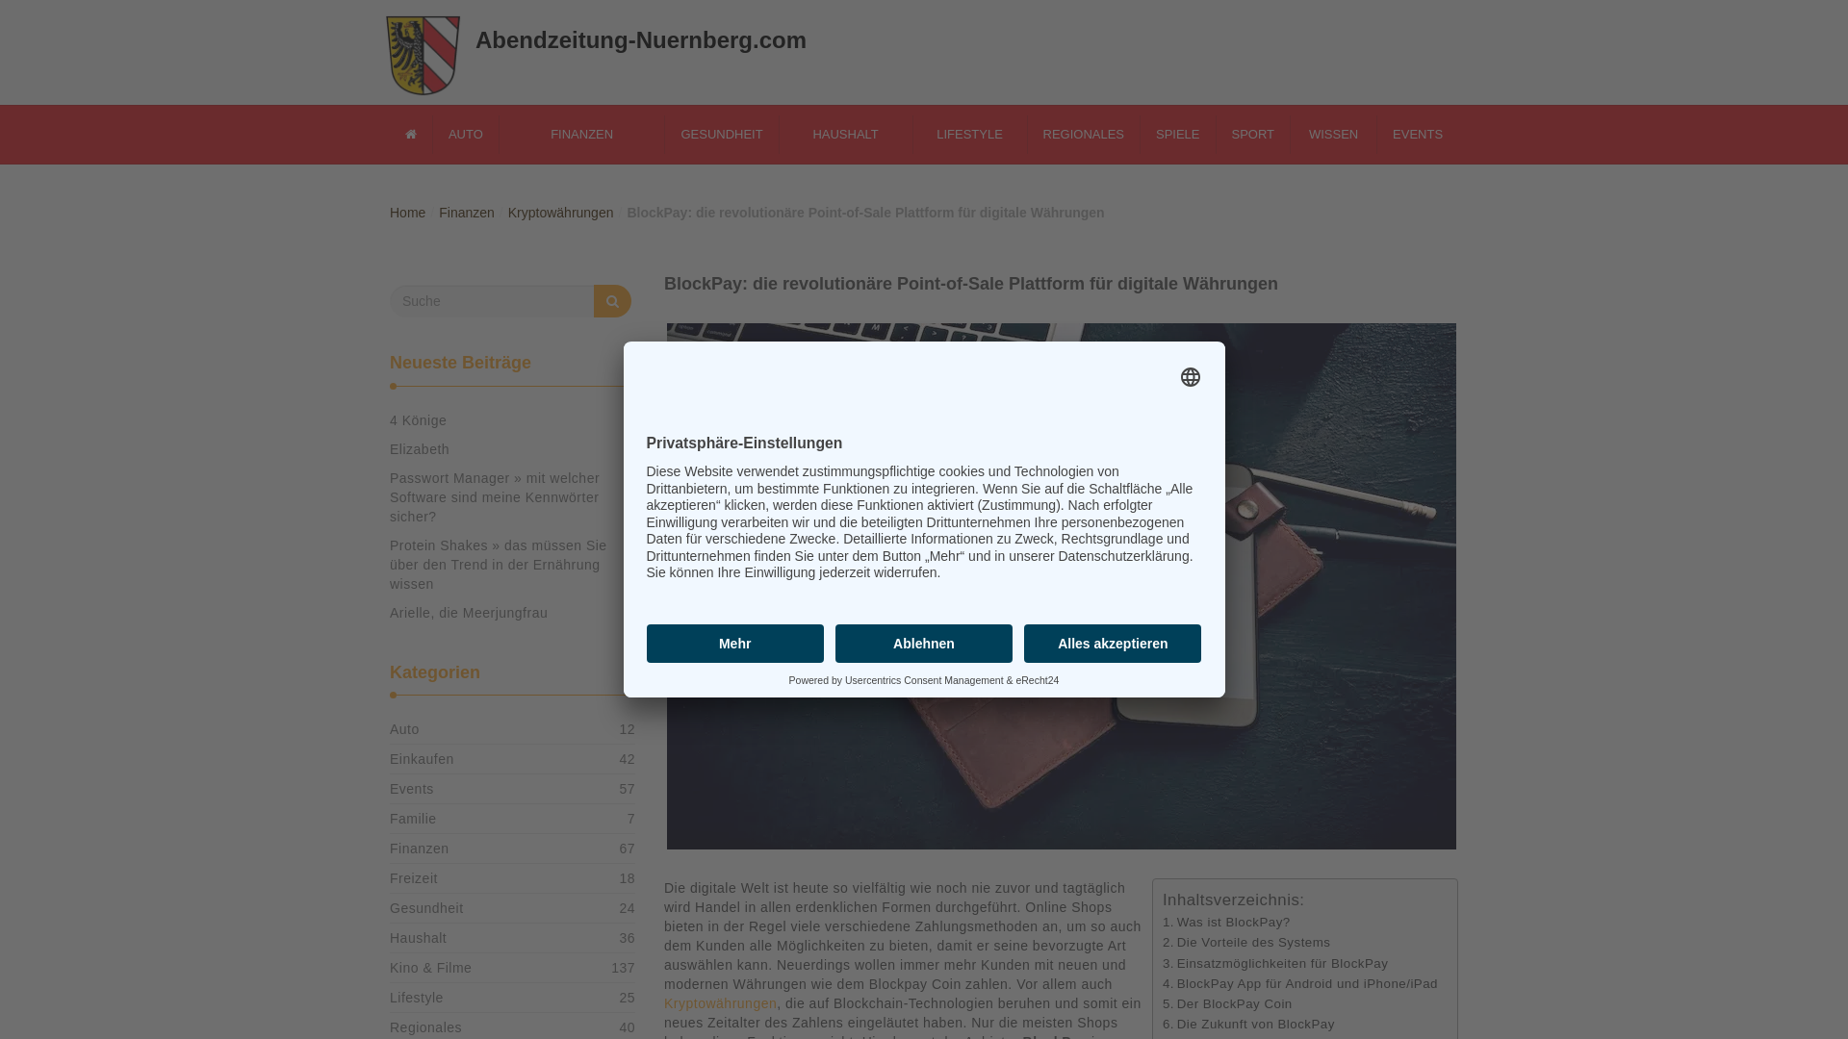  I want to click on 'AUTO', so click(456, 133).